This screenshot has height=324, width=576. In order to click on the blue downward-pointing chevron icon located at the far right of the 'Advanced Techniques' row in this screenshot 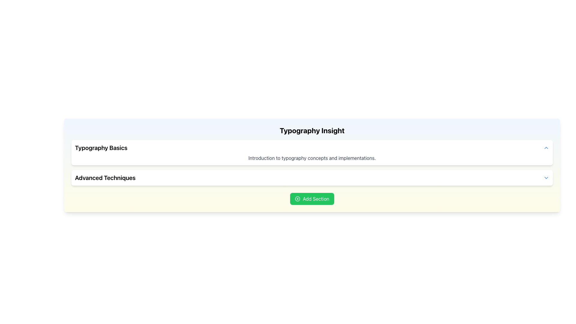, I will do `click(546, 178)`.